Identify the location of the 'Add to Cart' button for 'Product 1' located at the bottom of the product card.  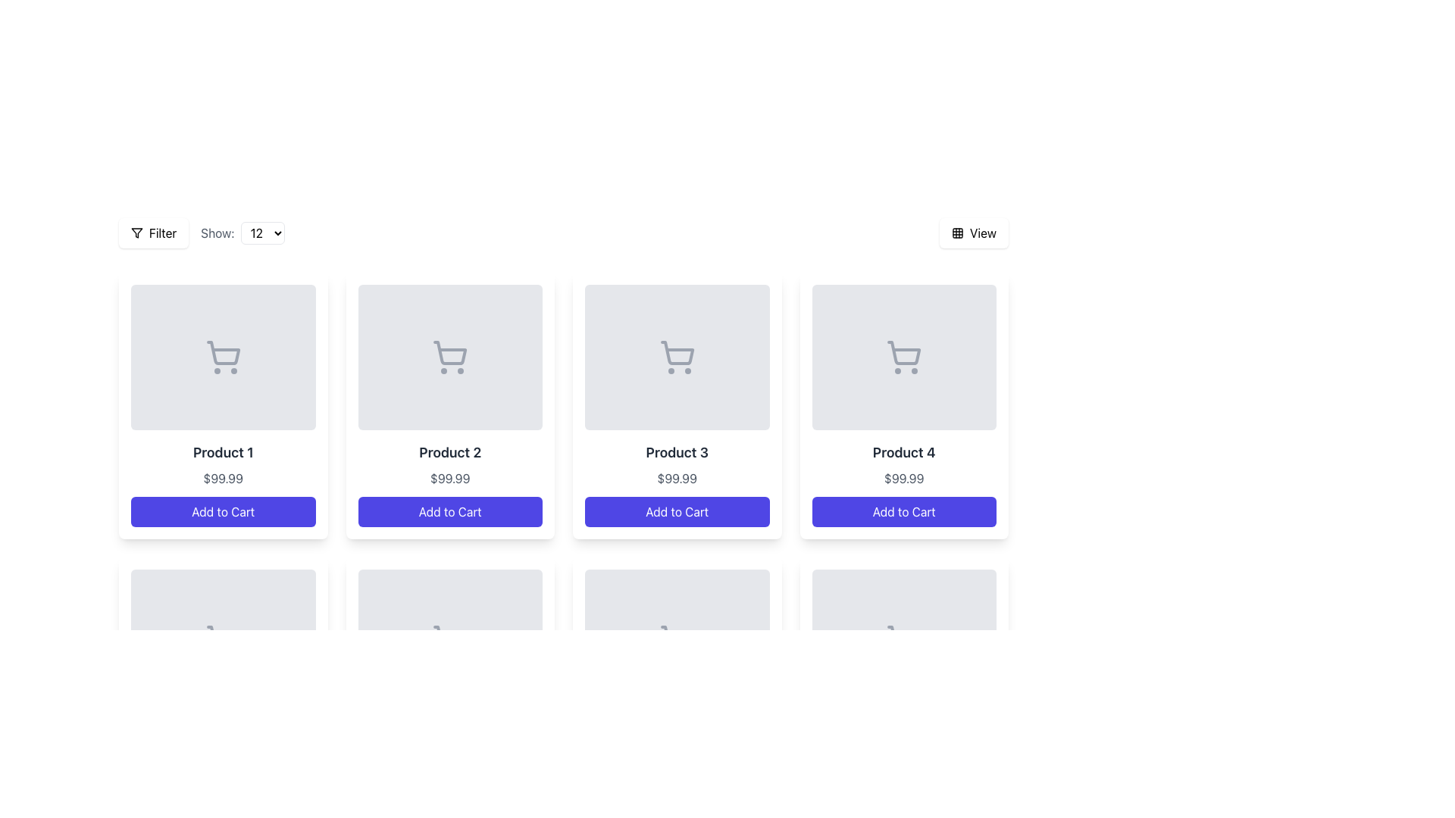
(222, 511).